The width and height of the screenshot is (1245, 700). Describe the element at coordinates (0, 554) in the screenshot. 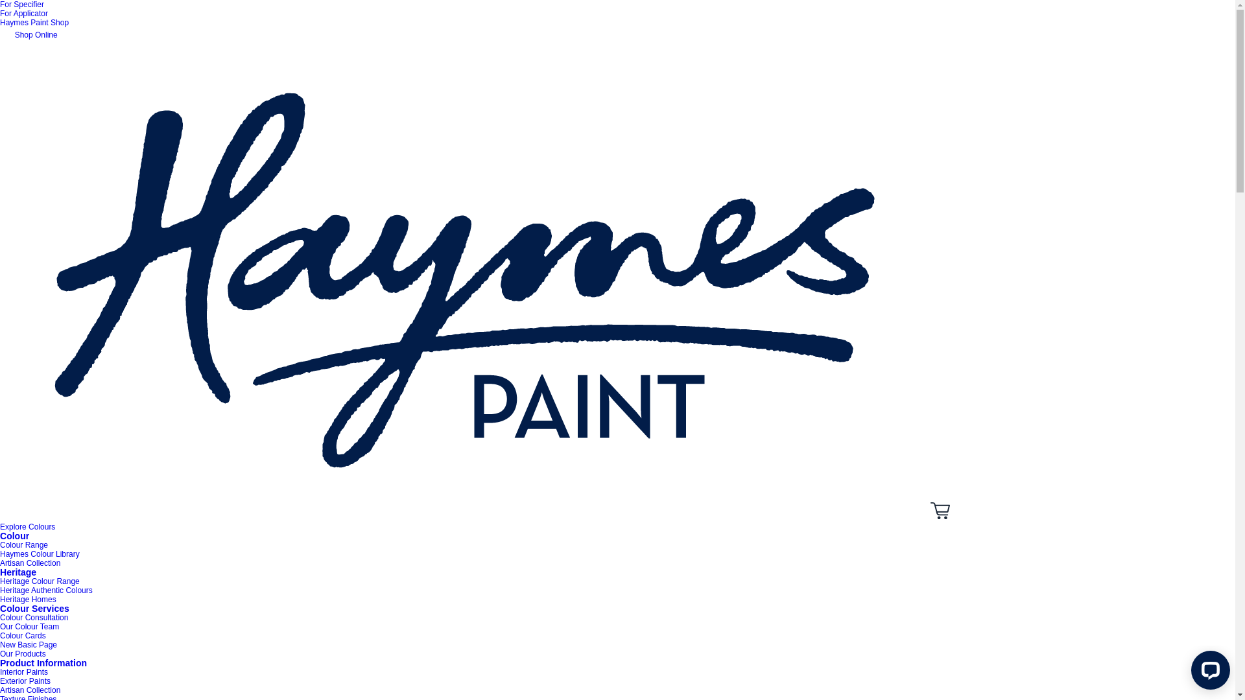

I see `'Haymes Colour Library'` at that location.